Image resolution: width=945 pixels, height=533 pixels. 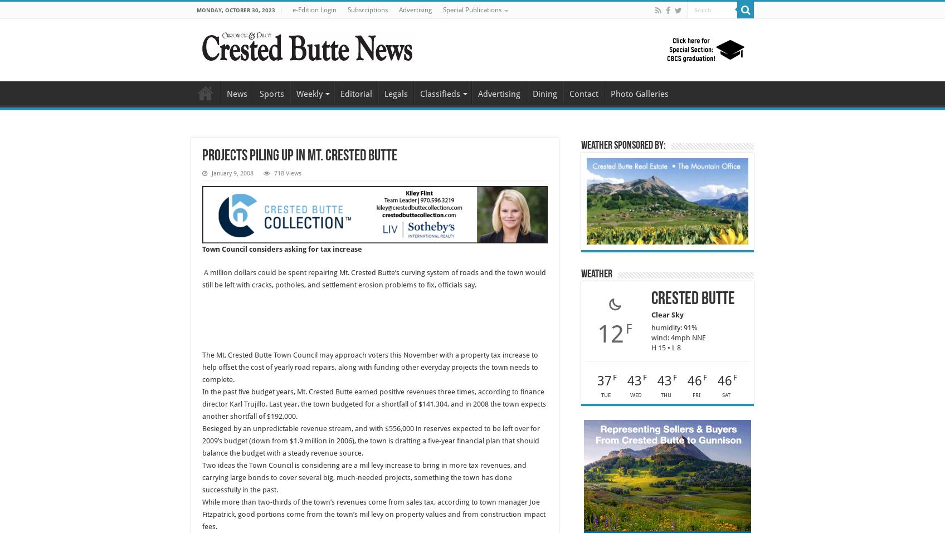 What do you see at coordinates (596, 273) in the screenshot?
I see `'Weather'` at bounding box center [596, 273].